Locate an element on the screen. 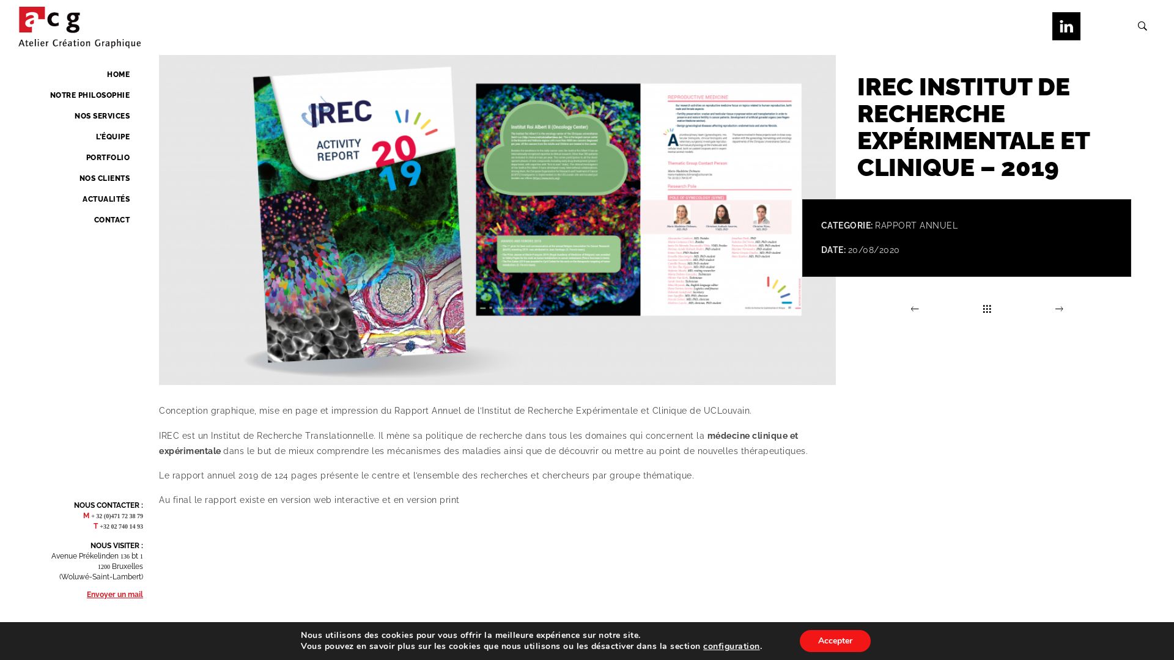  'Envoyer un mail' is located at coordinates (114, 593).